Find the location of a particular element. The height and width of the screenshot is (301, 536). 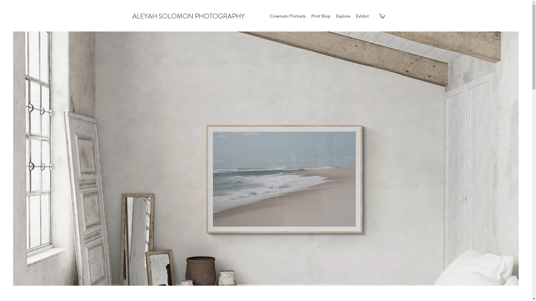

'Print Shop' is located at coordinates (321, 16).